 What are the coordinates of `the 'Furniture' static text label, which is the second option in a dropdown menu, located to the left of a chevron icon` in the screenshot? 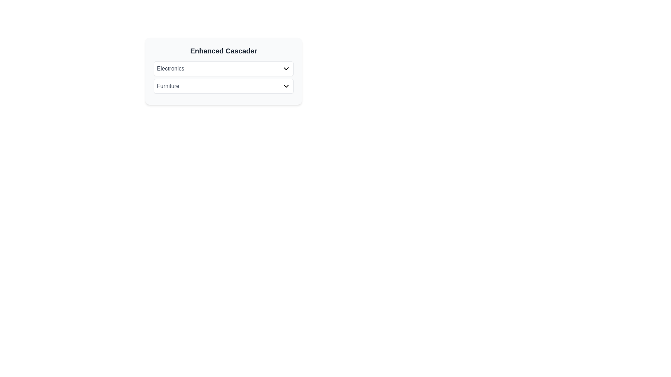 It's located at (168, 86).